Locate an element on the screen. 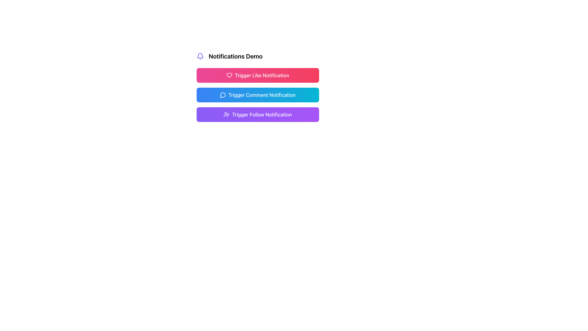  the interactive button that triggers comment-related notifications, located between the 'Trigger Like Notification' and 'Trigger Follow Notification' buttons is located at coordinates (258, 95).